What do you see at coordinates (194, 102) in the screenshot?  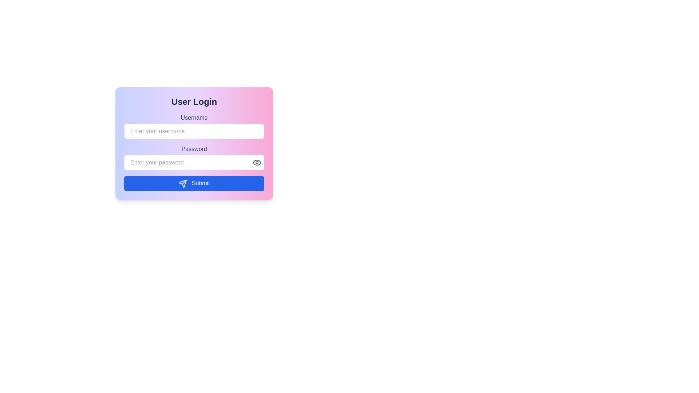 I see `the text header displaying 'User Login', which is bold, large, and centered at the top of the login form panel` at bounding box center [194, 102].